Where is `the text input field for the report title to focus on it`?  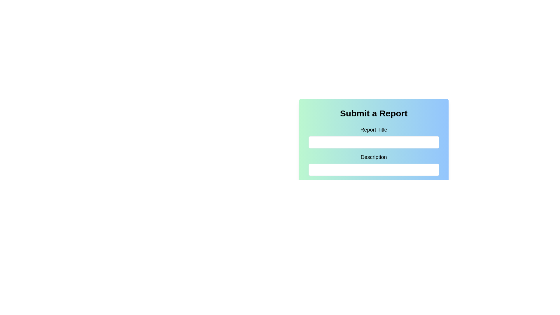
the text input field for the report title to focus on it is located at coordinates (374, 137).